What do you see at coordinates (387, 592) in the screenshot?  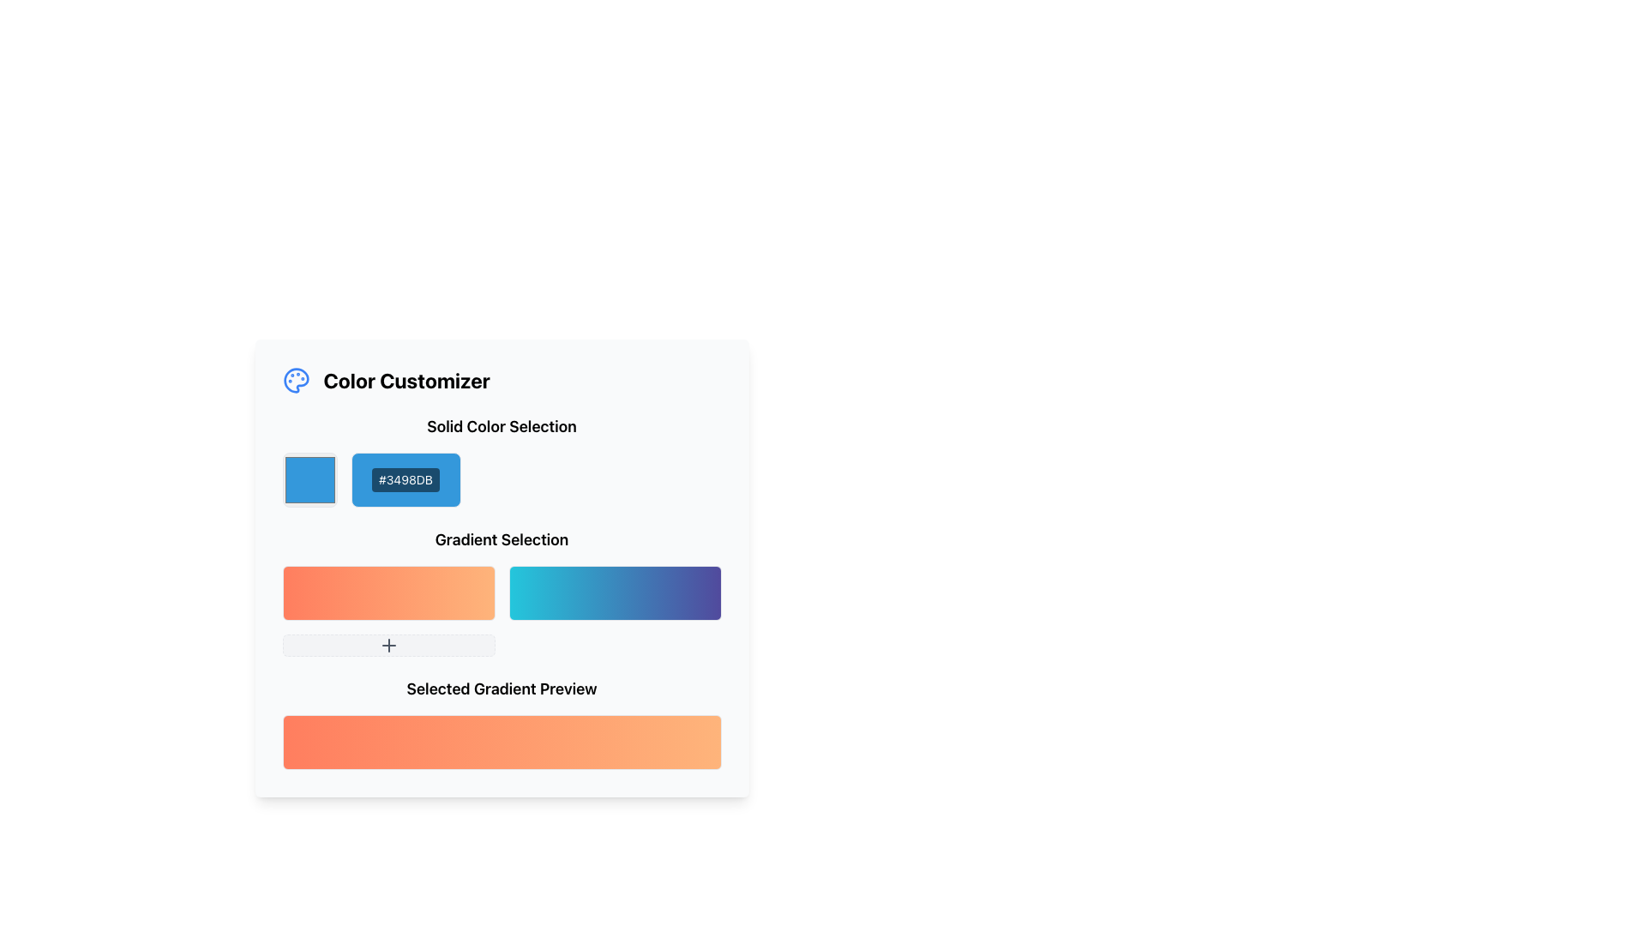 I see `the first gradient button in the 'Gradient Selection' section` at bounding box center [387, 592].